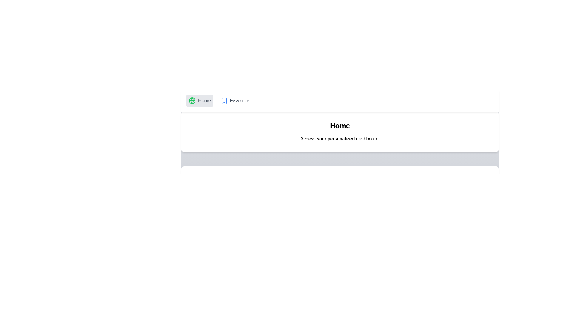 The height and width of the screenshot is (322, 573). What do you see at coordinates (200, 100) in the screenshot?
I see `the 'Home' navigation button located at the top-left corner of the navigation bar` at bounding box center [200, 100].